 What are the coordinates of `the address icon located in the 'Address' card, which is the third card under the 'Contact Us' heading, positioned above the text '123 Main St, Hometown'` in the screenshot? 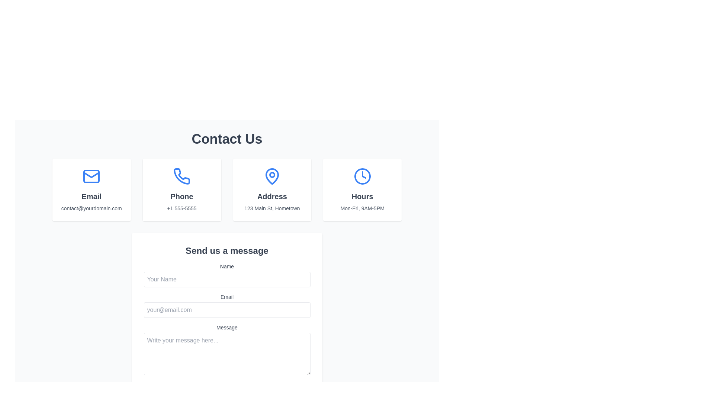 It's located at (271, 176).